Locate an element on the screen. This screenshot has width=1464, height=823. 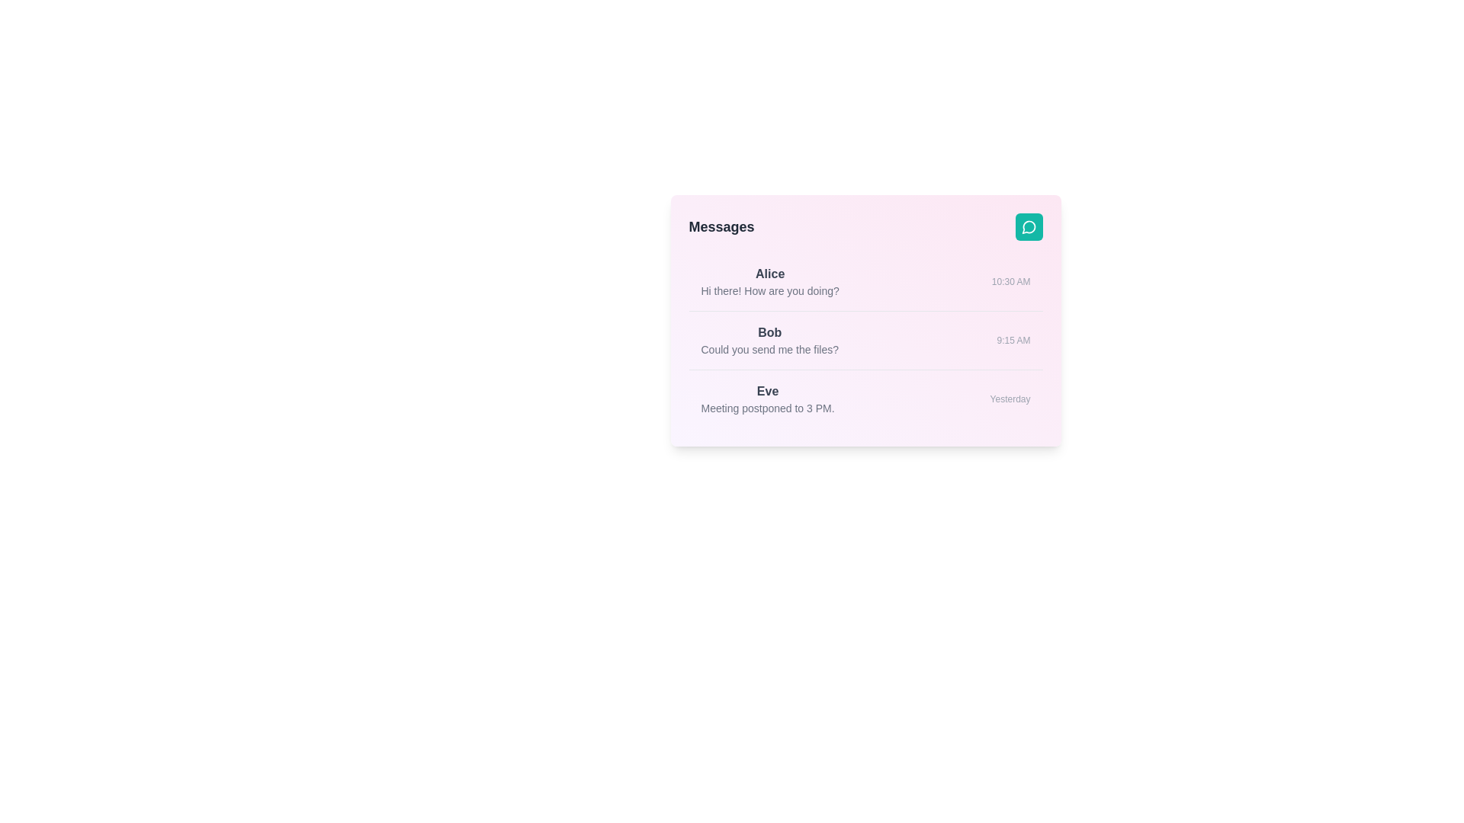
the conversation item corresponding to Alice is located at coordinates (865, 282).